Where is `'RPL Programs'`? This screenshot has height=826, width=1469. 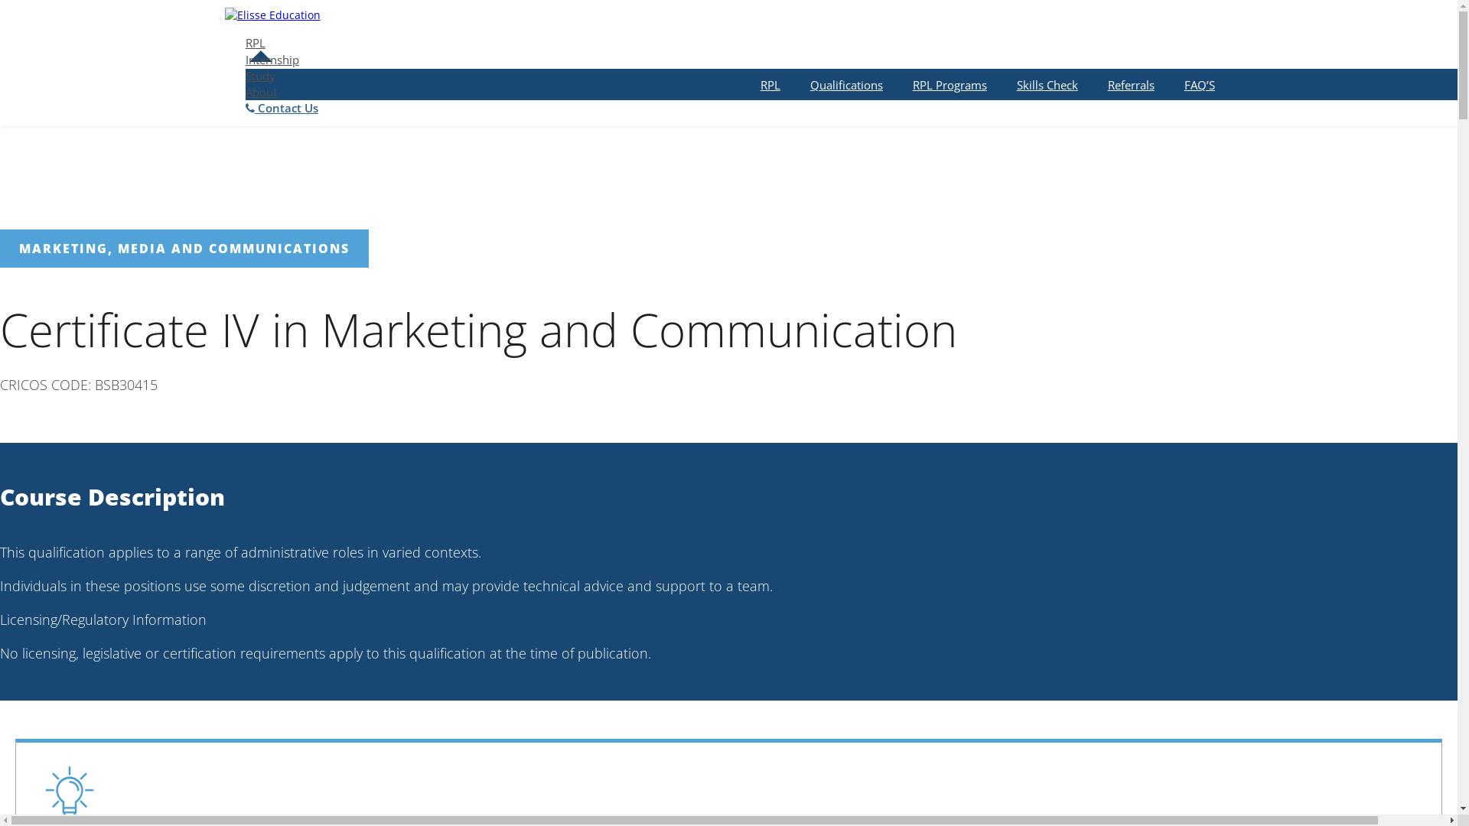
'RPL Programs' is located at coordinates (949, 85).